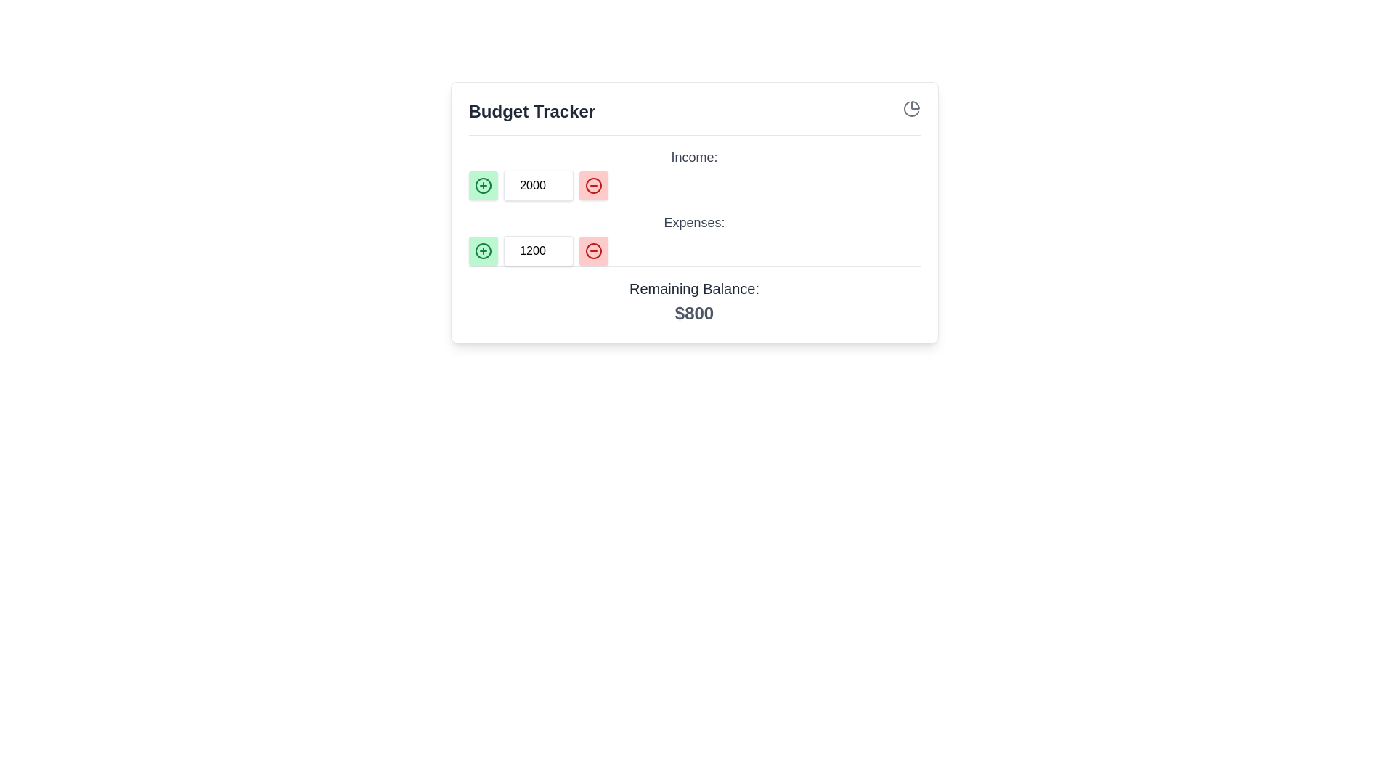  What do you see at coordinates (593, 250) in the screenshot?
I see `the red button for decreasing or removing a value associated with the current expense entry in the 'Expenses' section of the Budget Tracker interface` at bounding box center [593, 250].